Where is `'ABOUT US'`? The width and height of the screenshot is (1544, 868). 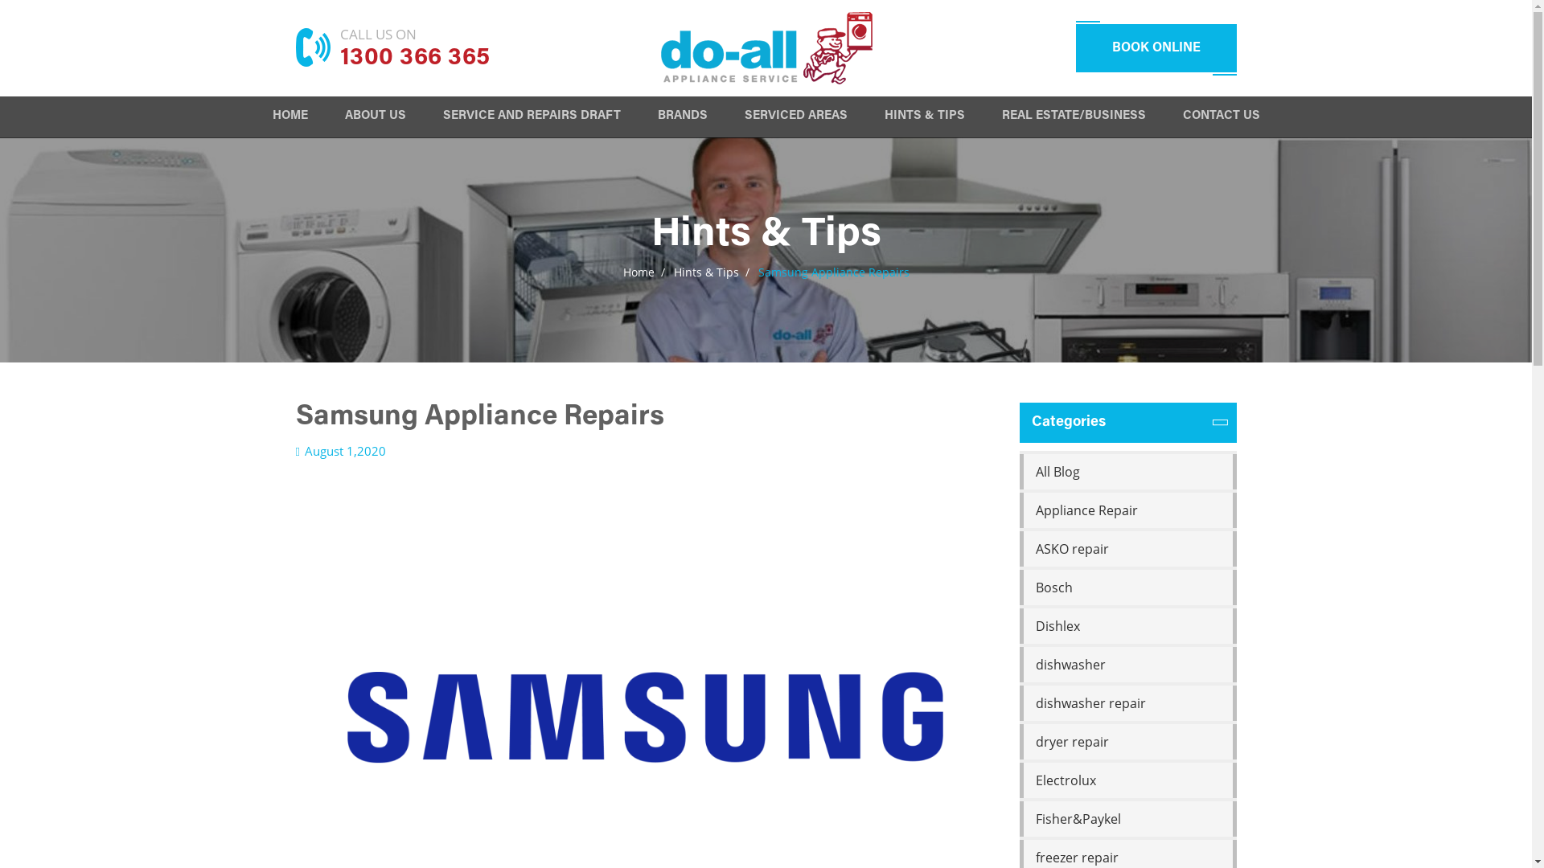 'ABOUT US' is located at coordinates (373, 117).